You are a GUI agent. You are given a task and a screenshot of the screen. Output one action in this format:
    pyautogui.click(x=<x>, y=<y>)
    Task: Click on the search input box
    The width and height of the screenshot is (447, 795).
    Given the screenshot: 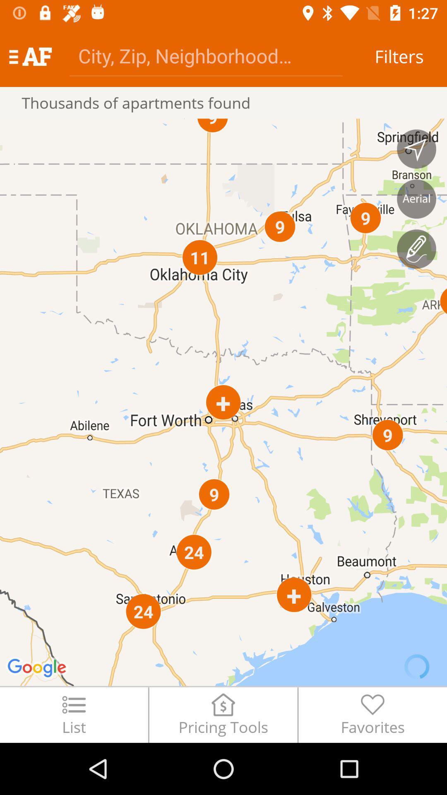 What is the action you would take?
    pyautogui.click(x=205, y=55)
    